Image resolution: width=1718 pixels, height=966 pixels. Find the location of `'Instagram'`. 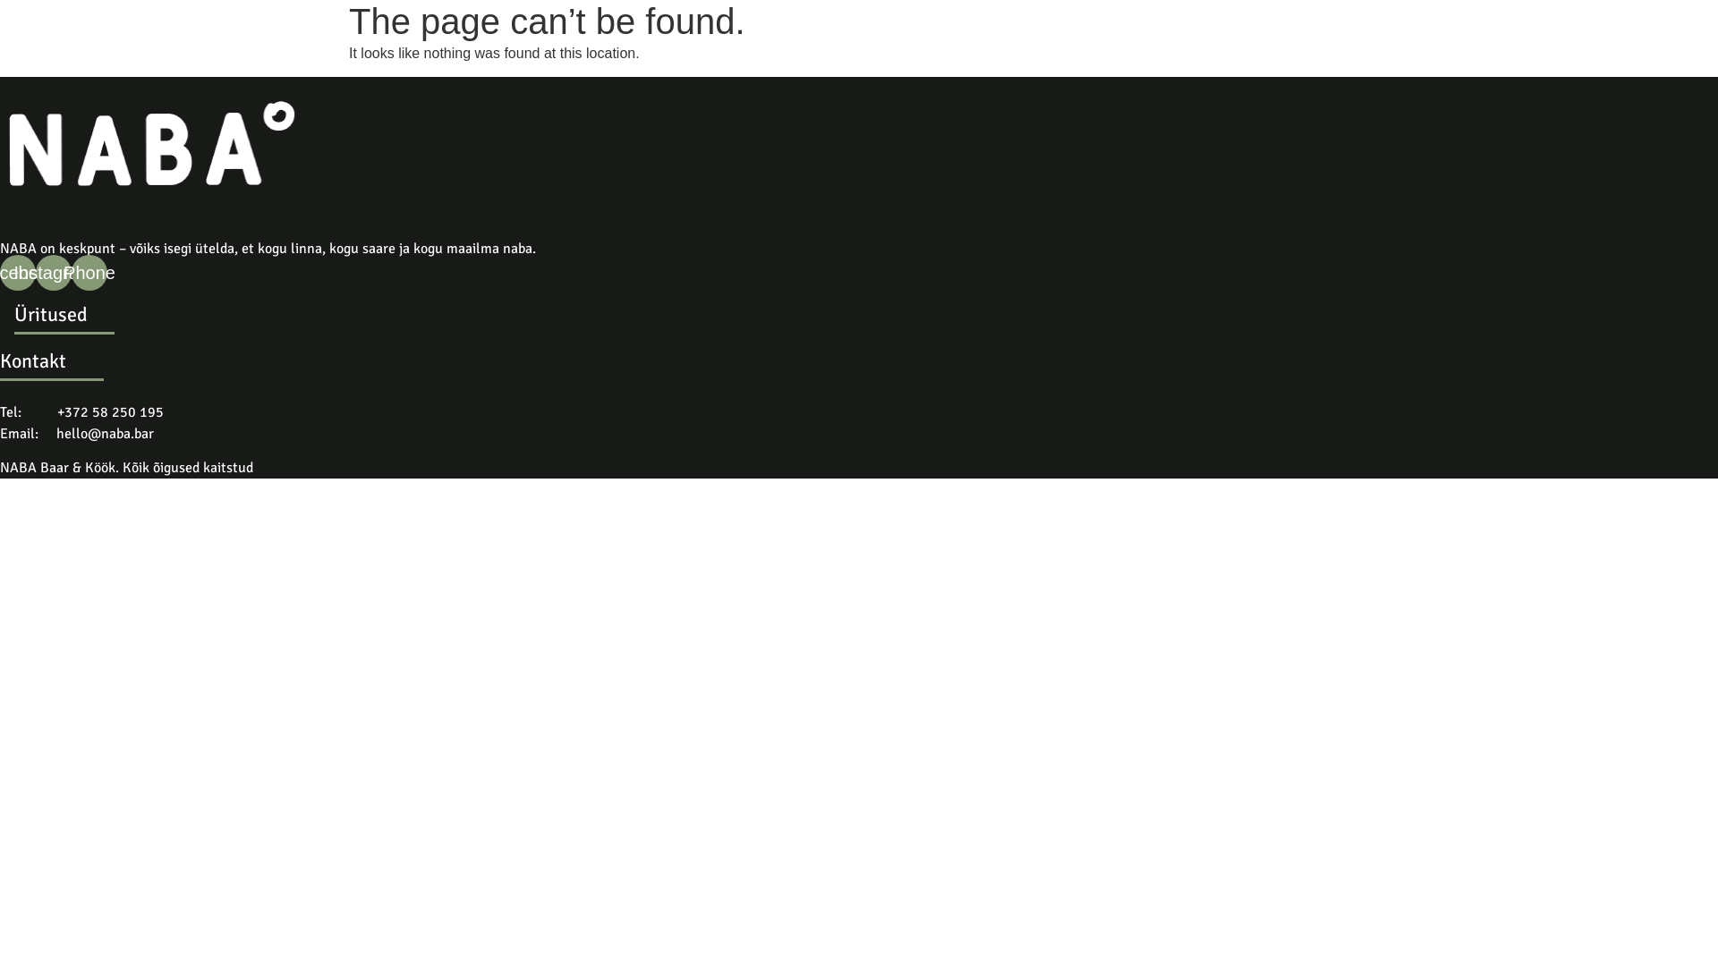

'Instagram' is located at coordinates (35, 272).